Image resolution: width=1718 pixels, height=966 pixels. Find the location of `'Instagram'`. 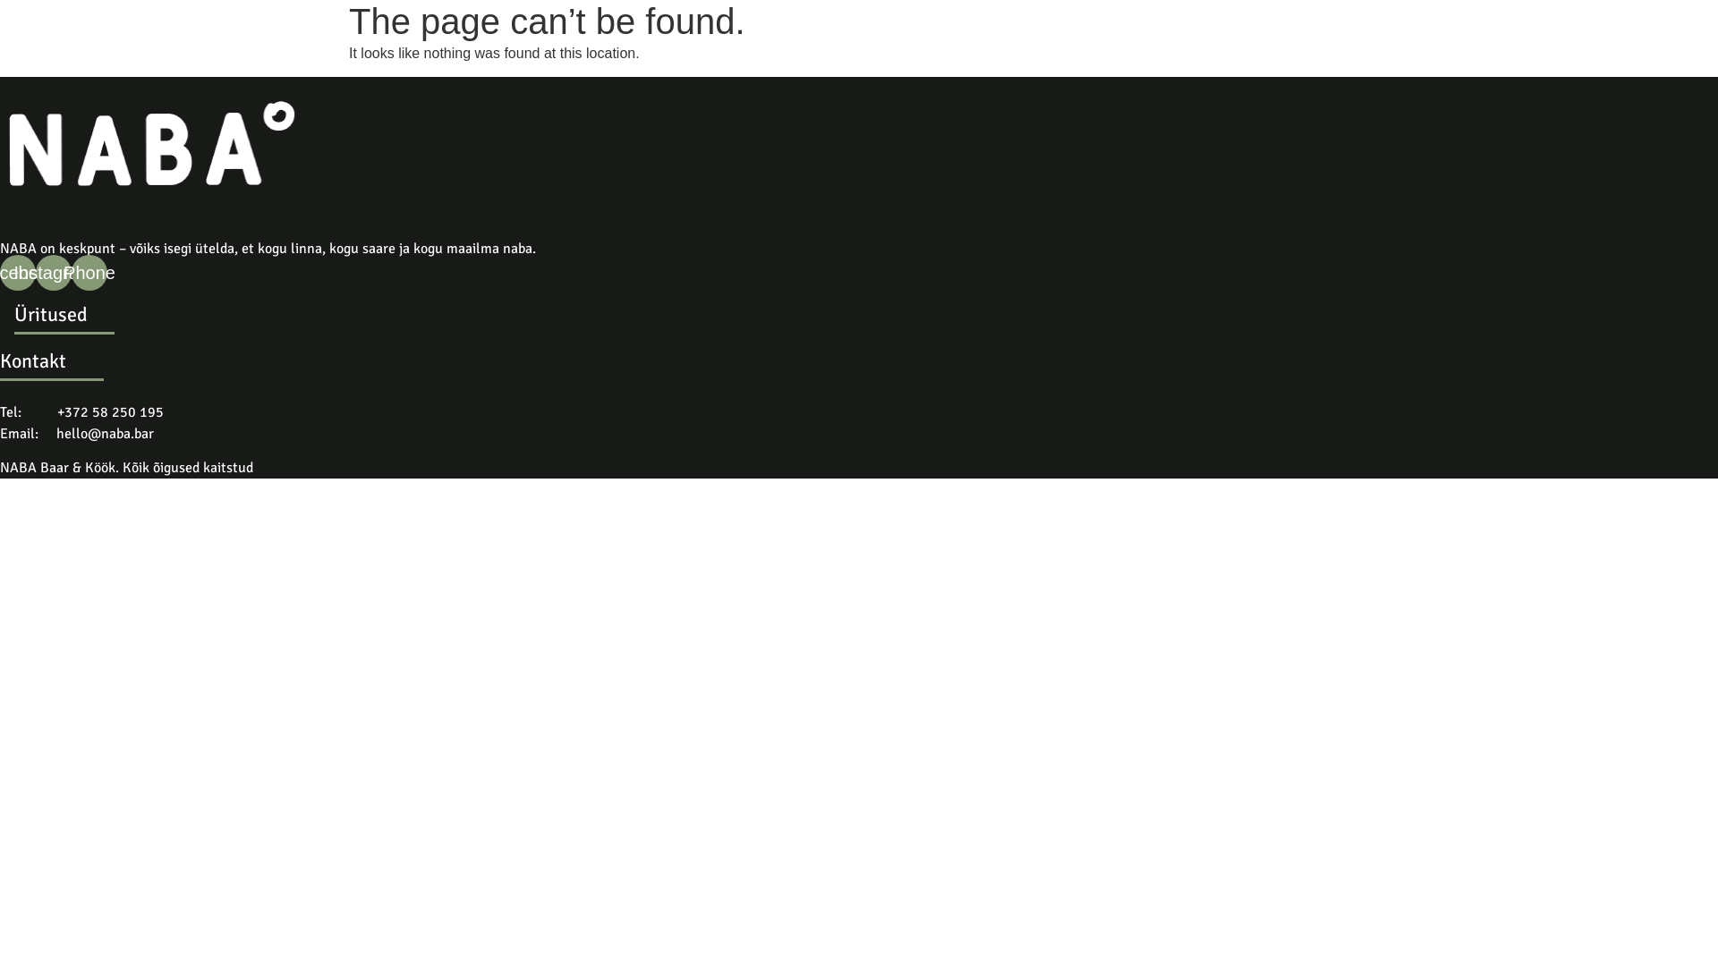

'Instagram' is located at coordinates (35, 272).